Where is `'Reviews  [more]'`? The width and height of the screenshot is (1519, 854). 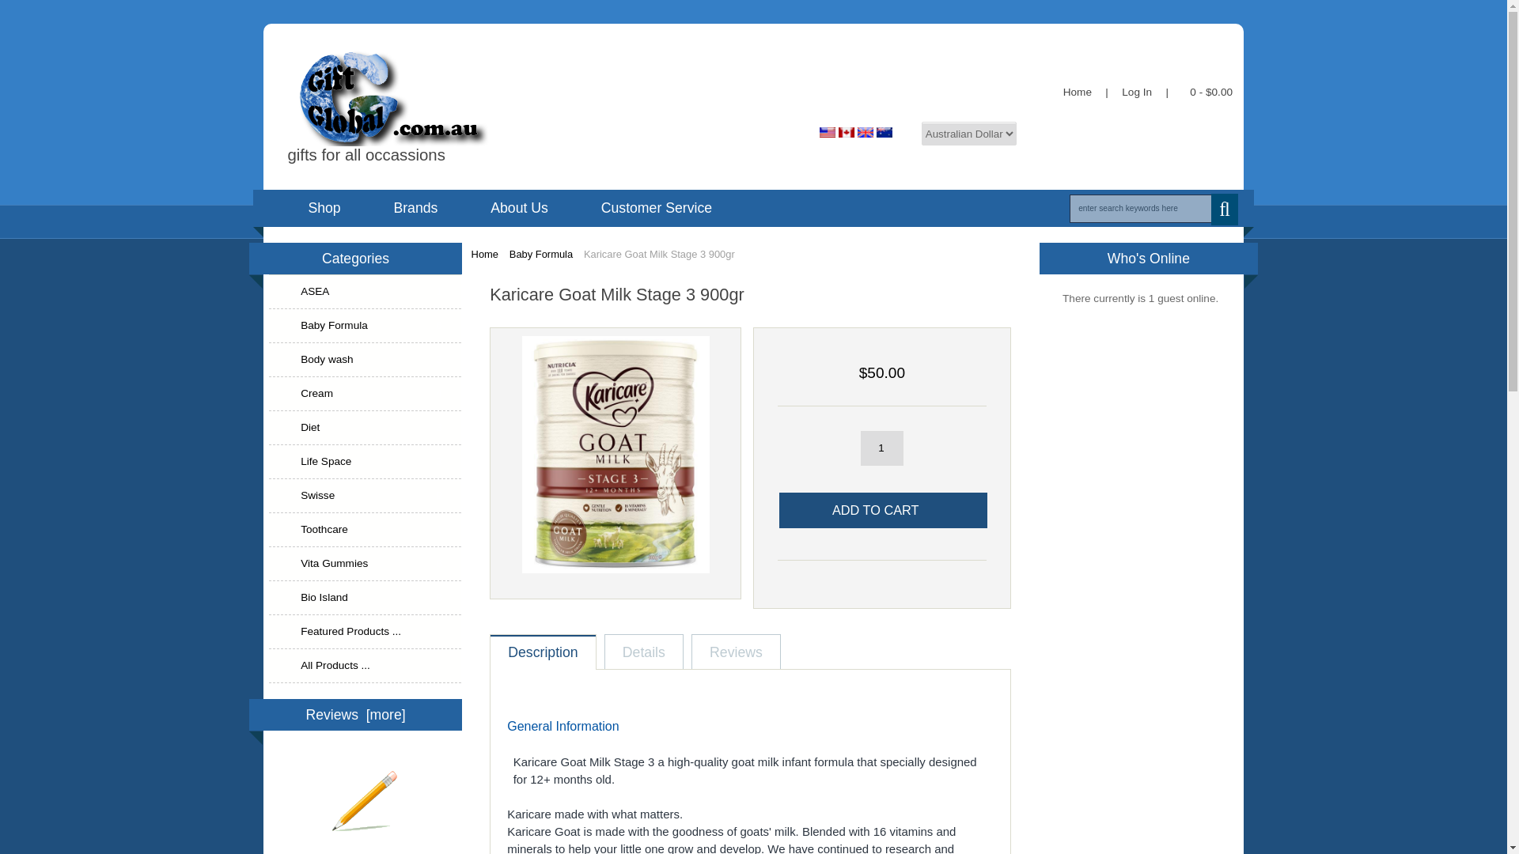
'Reviews  [more]' is located at coordinates (354, 714).